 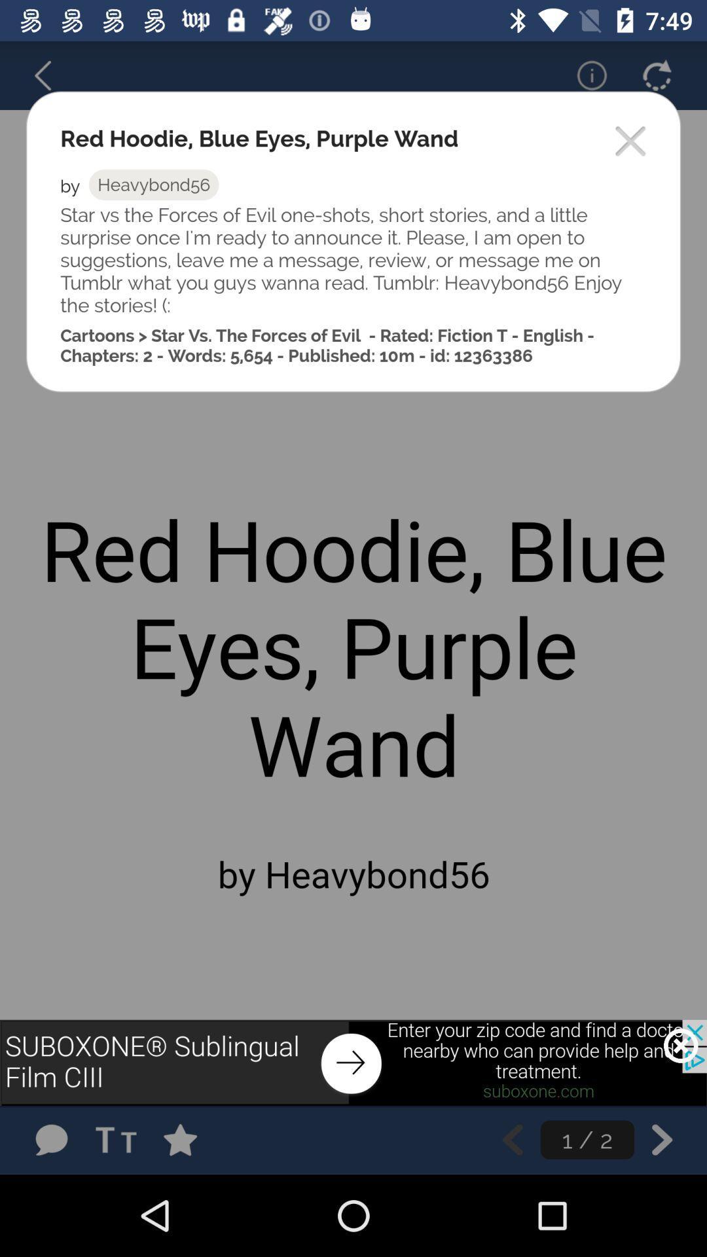 I want to click on go foward, so click(x=662, y=1139).